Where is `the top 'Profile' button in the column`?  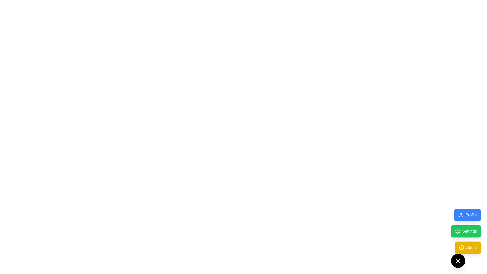
the top 'Profile' button in the column is located at coordinates (467, 215).